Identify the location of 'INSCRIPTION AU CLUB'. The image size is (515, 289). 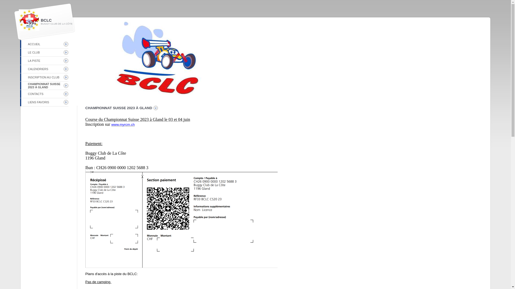
(28, 77).